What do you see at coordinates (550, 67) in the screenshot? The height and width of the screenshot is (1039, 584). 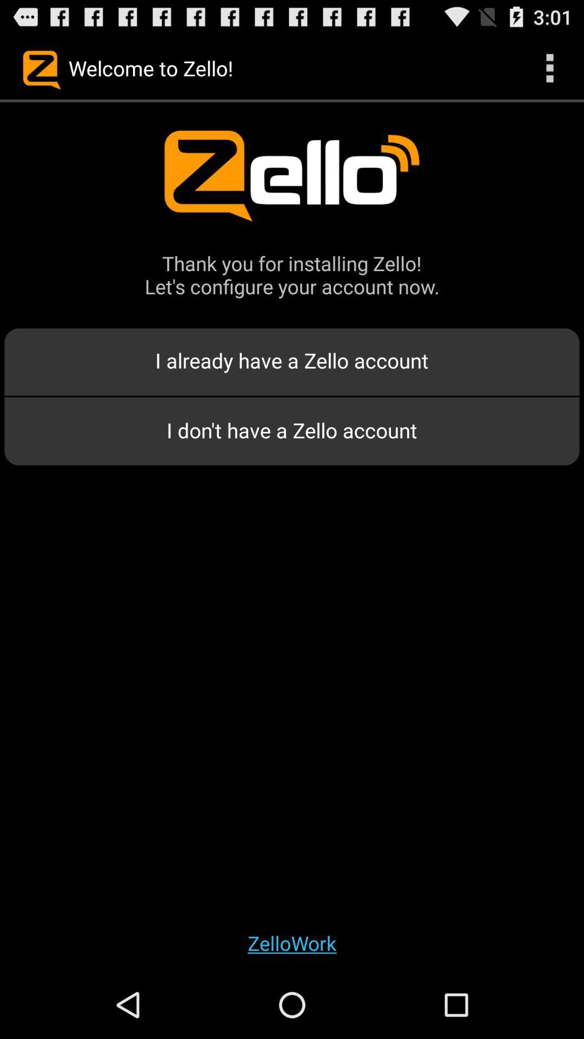 I see `icon to the right of the welcome to zello!` at bounding box center [550, 67].